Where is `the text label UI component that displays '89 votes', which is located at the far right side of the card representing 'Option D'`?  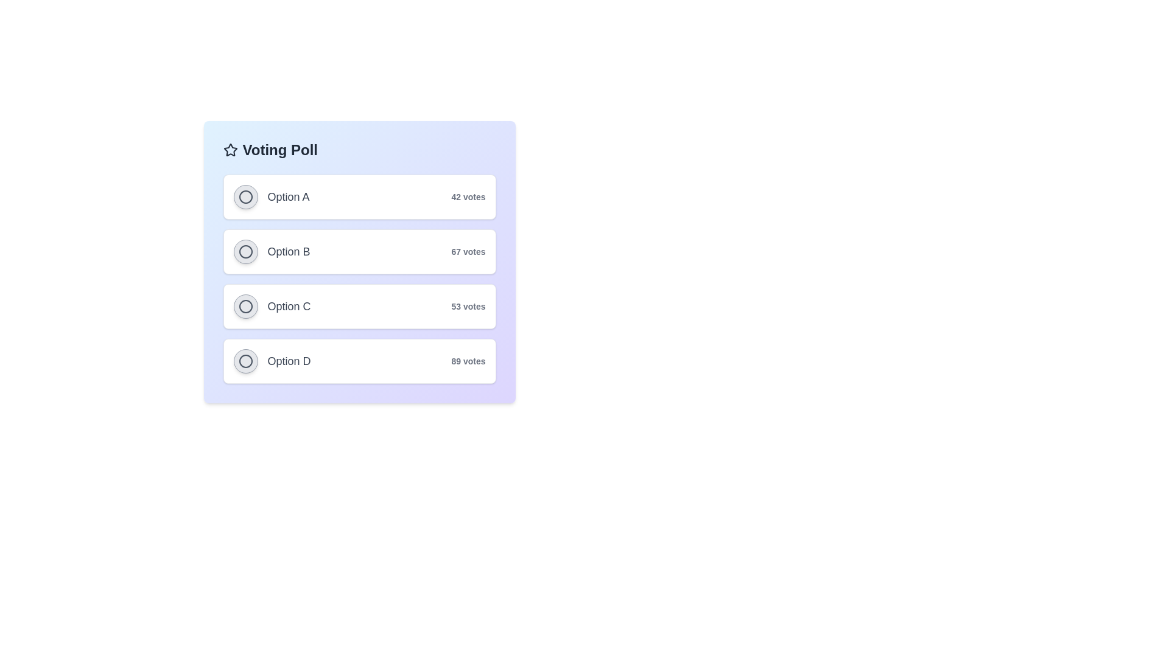 the text label UI component that displays '89 votes', which is located at the far right side of the card representing 'Option D' is located at coordinates (468, 361).